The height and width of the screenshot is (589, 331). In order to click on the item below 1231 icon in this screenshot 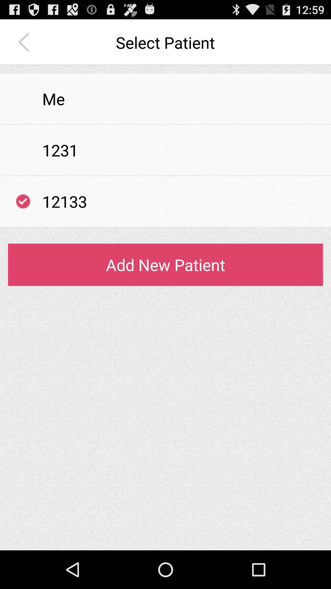, I will do `click(165, 175)`.